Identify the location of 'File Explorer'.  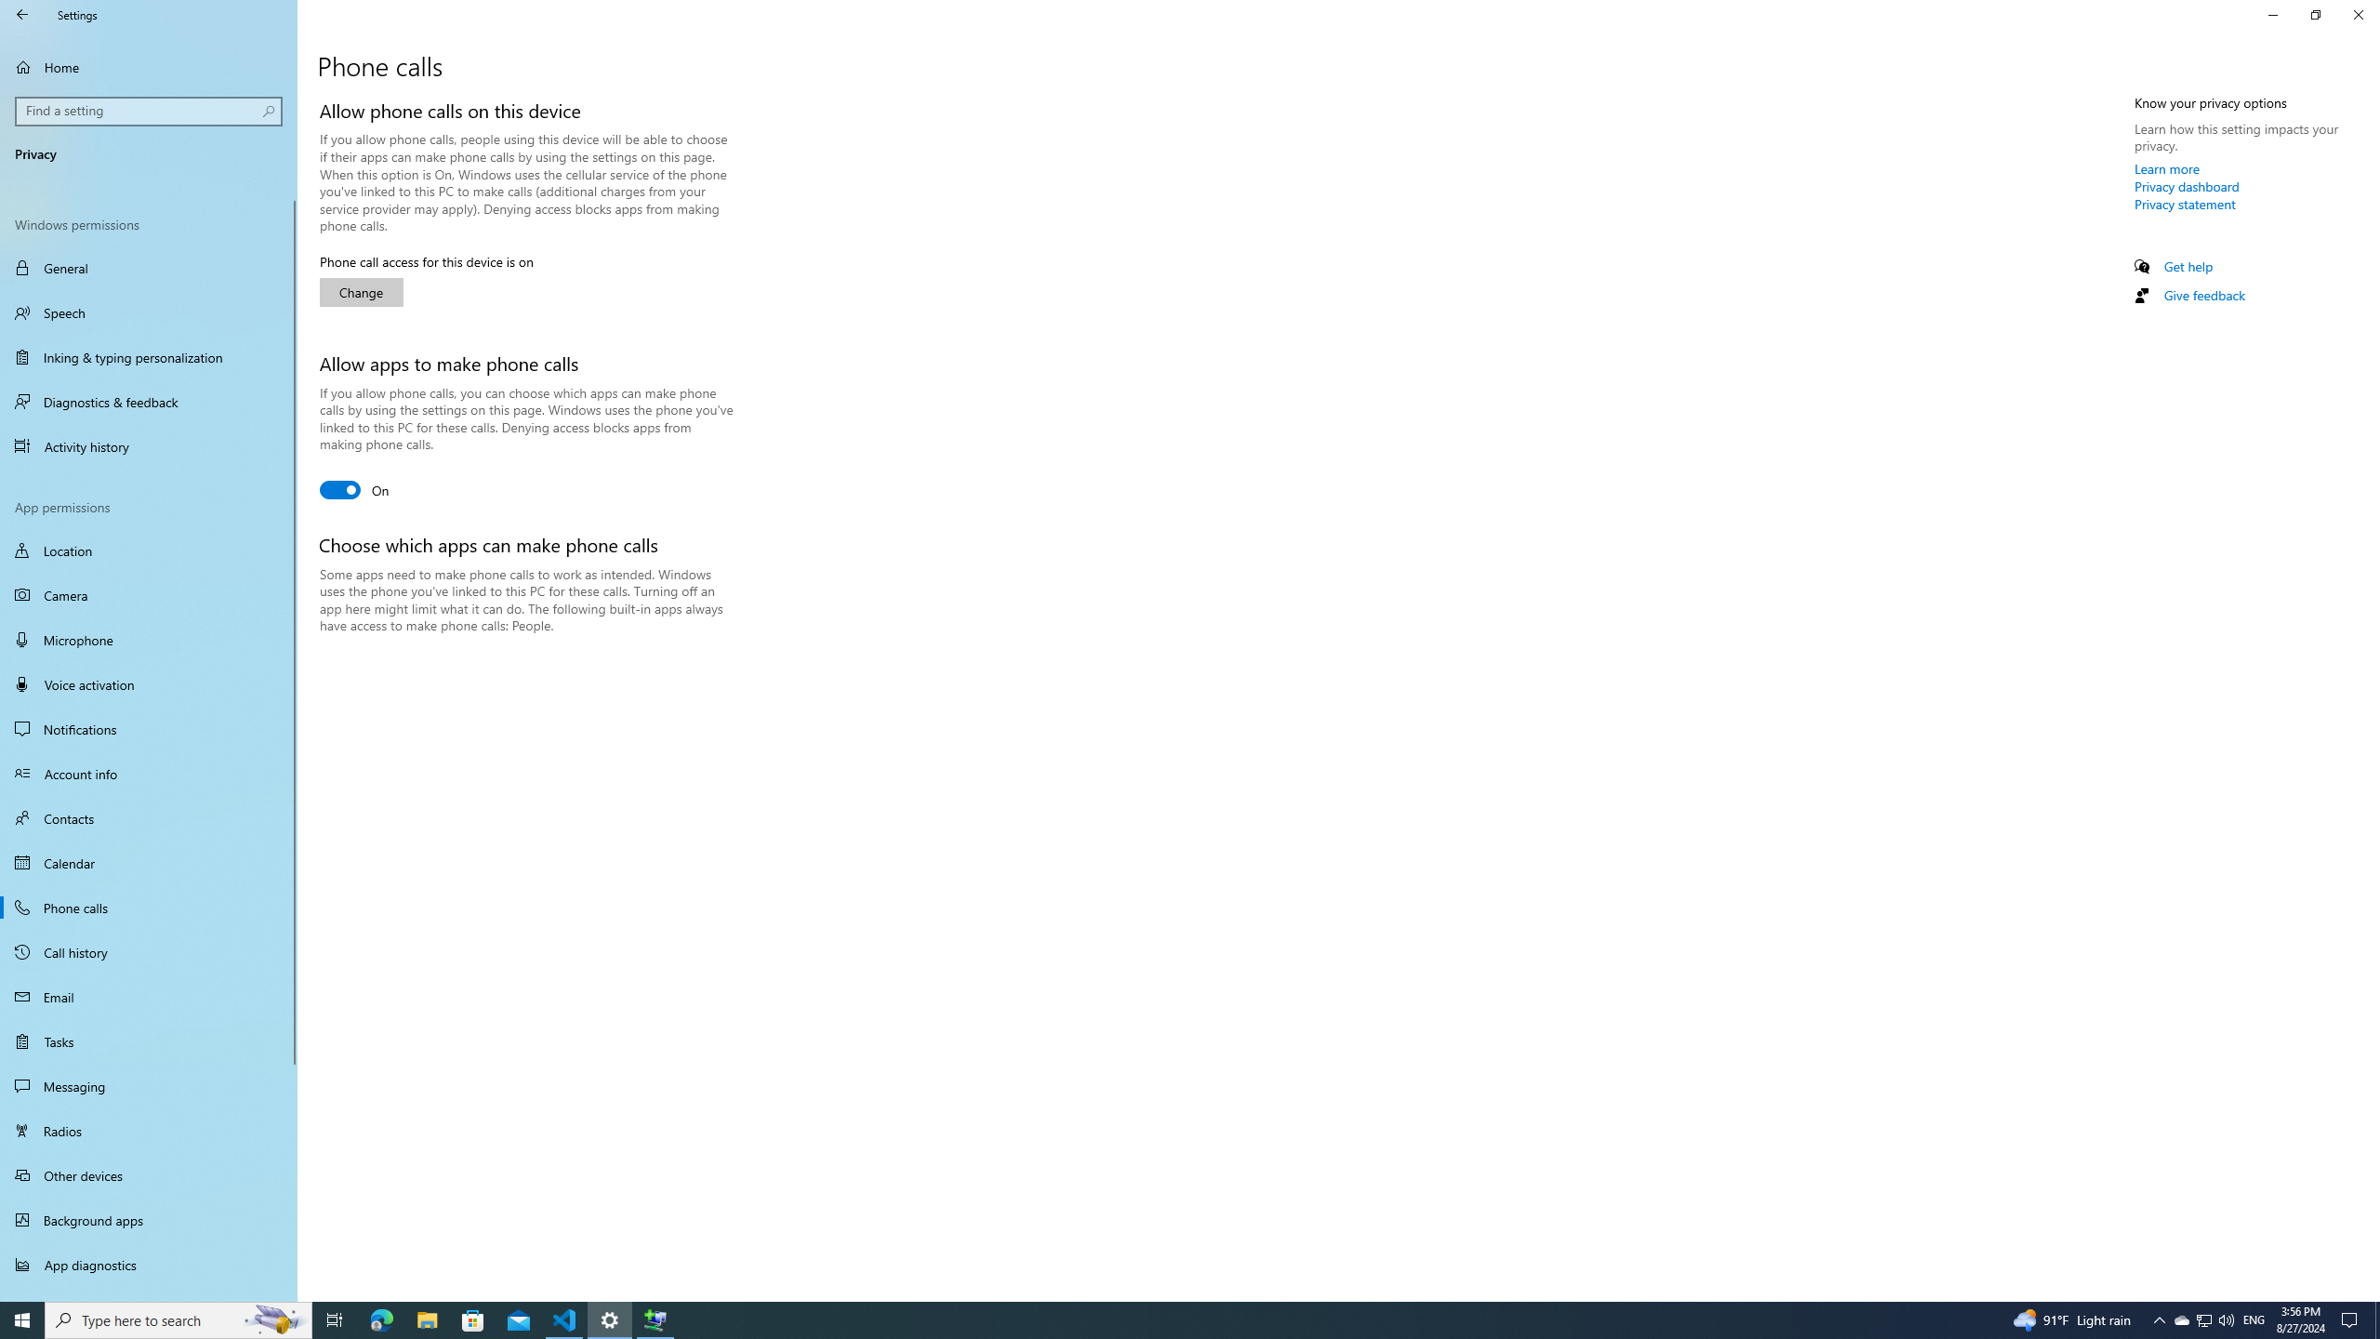
(426, 1319).